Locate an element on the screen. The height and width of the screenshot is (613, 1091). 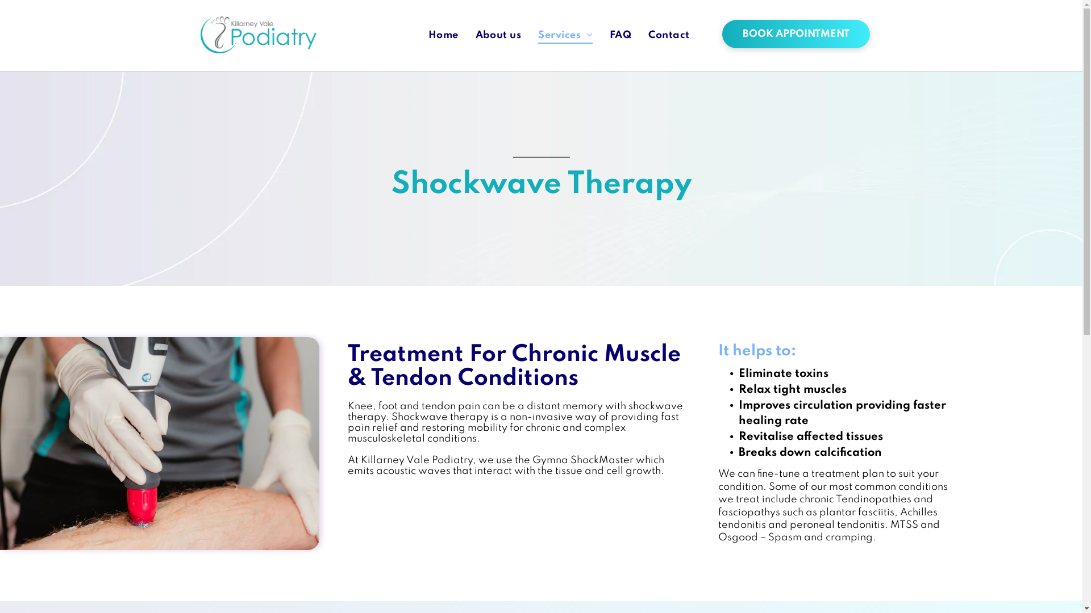
'FAQ' is located at coordinates (619, 35).